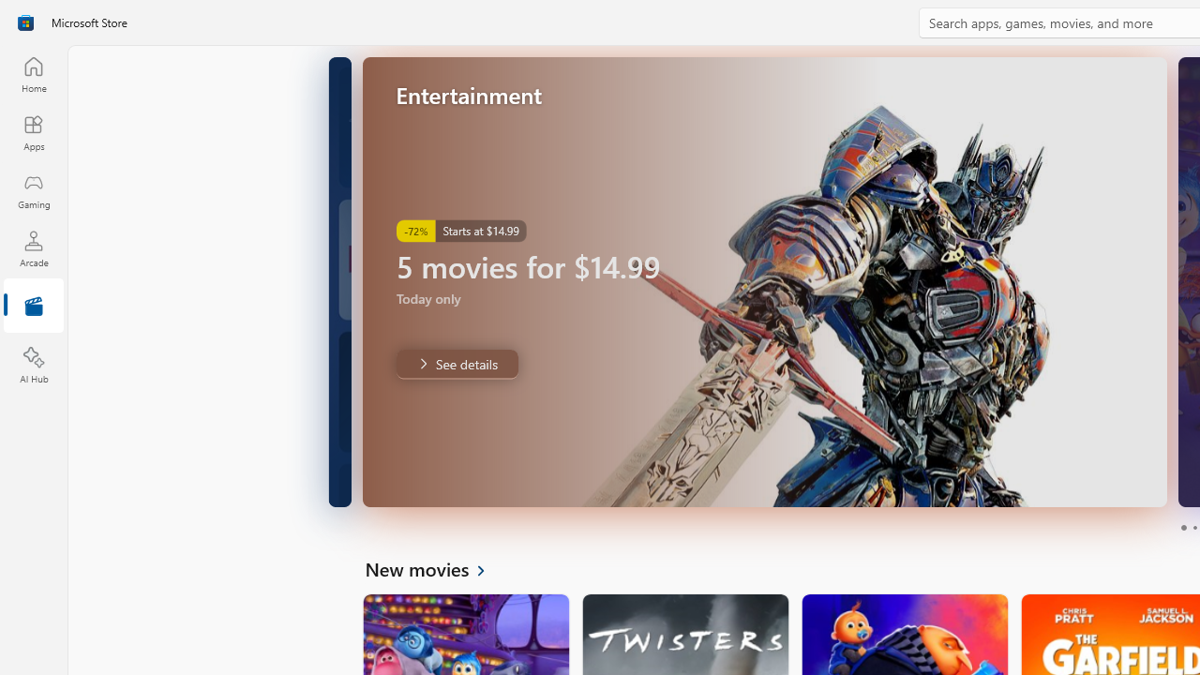 The width and height of the screenshot is (1200, 675). I want to click on 'See all  New movies', so click(435, 567).